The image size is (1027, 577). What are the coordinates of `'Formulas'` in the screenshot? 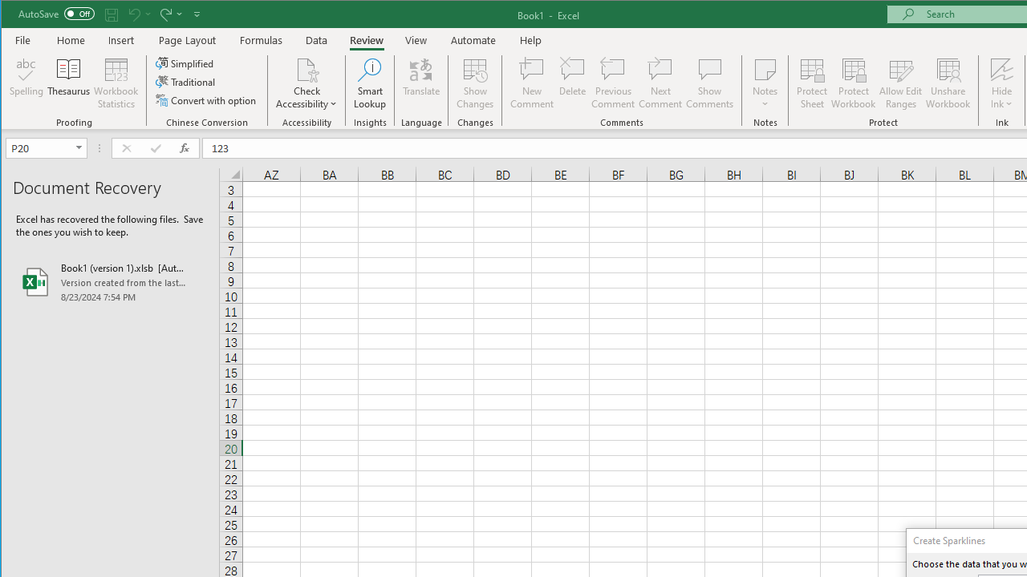 It's located at (262, 39).